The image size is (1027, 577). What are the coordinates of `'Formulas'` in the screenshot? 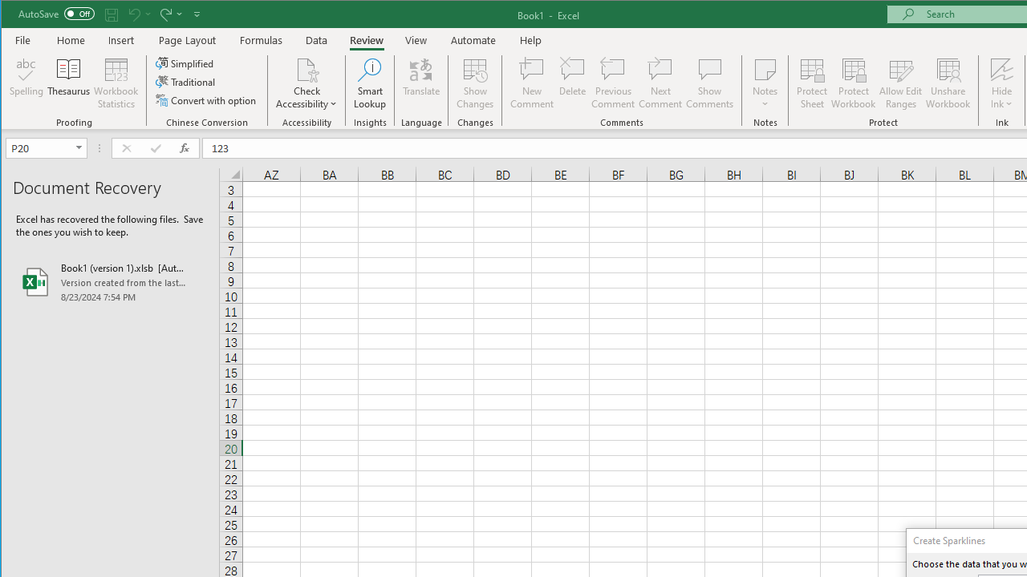 It's located at (262, 39).